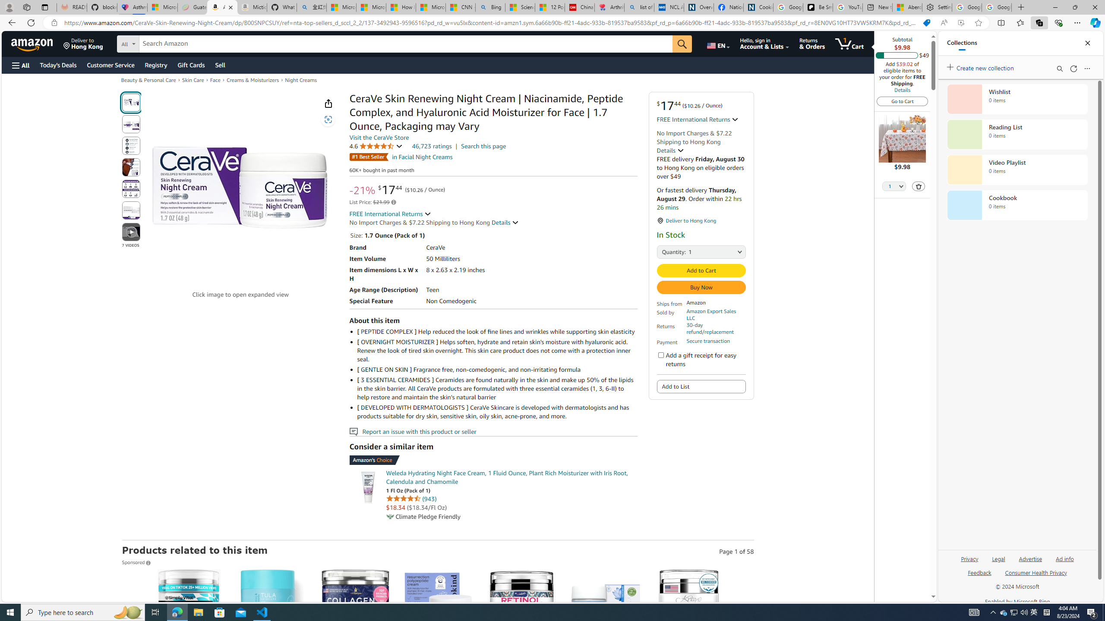  What do you see at coordinates (148, 79) in the screenshot?
I see `'Beauty & Personal Care'` at bounding box center [148, 79].